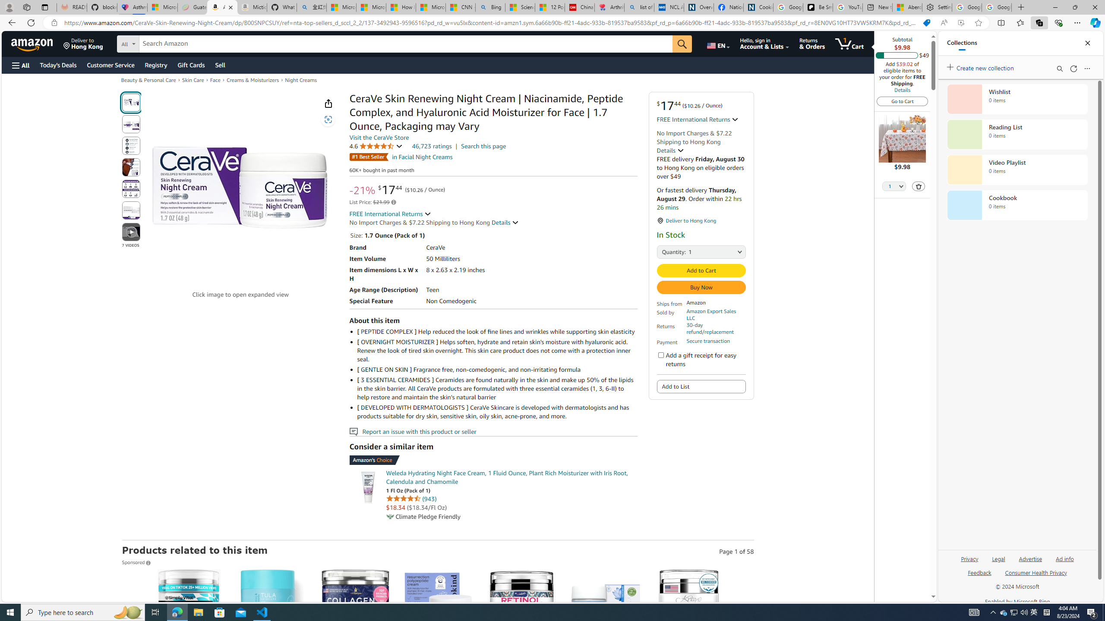  What do you see at coordinates (148, 79) in the screenshot?
I see `'Beauty & Personal Care'` at bounding box center [148, 79].